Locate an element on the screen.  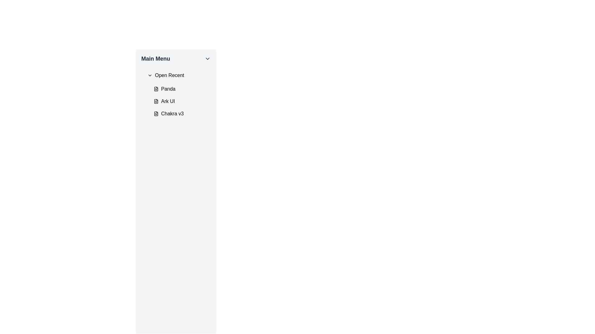
the icon representing the 'Panda' menu item is located at coordinates (156, 89).